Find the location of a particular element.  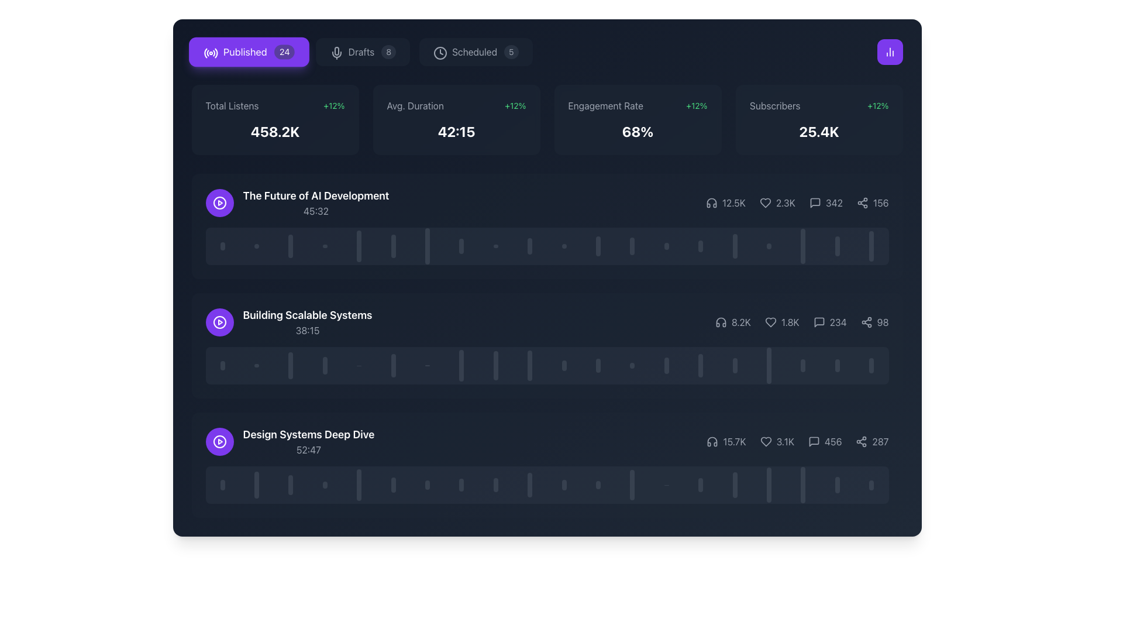

the fourteenth vertical bar in the lower section of the panel interface, which serves as a visual indicator or graphical representation is located at coordinates (701, 485).